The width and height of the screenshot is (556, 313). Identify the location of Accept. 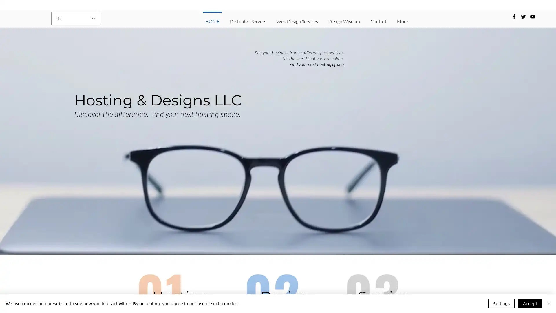
(530, 303).